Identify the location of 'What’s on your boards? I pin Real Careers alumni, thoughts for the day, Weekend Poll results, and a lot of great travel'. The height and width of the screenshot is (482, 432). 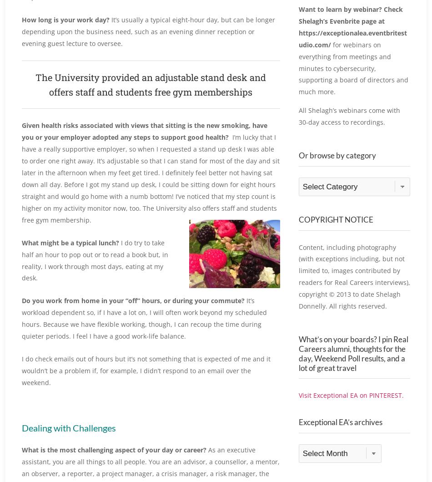
(298, 363).